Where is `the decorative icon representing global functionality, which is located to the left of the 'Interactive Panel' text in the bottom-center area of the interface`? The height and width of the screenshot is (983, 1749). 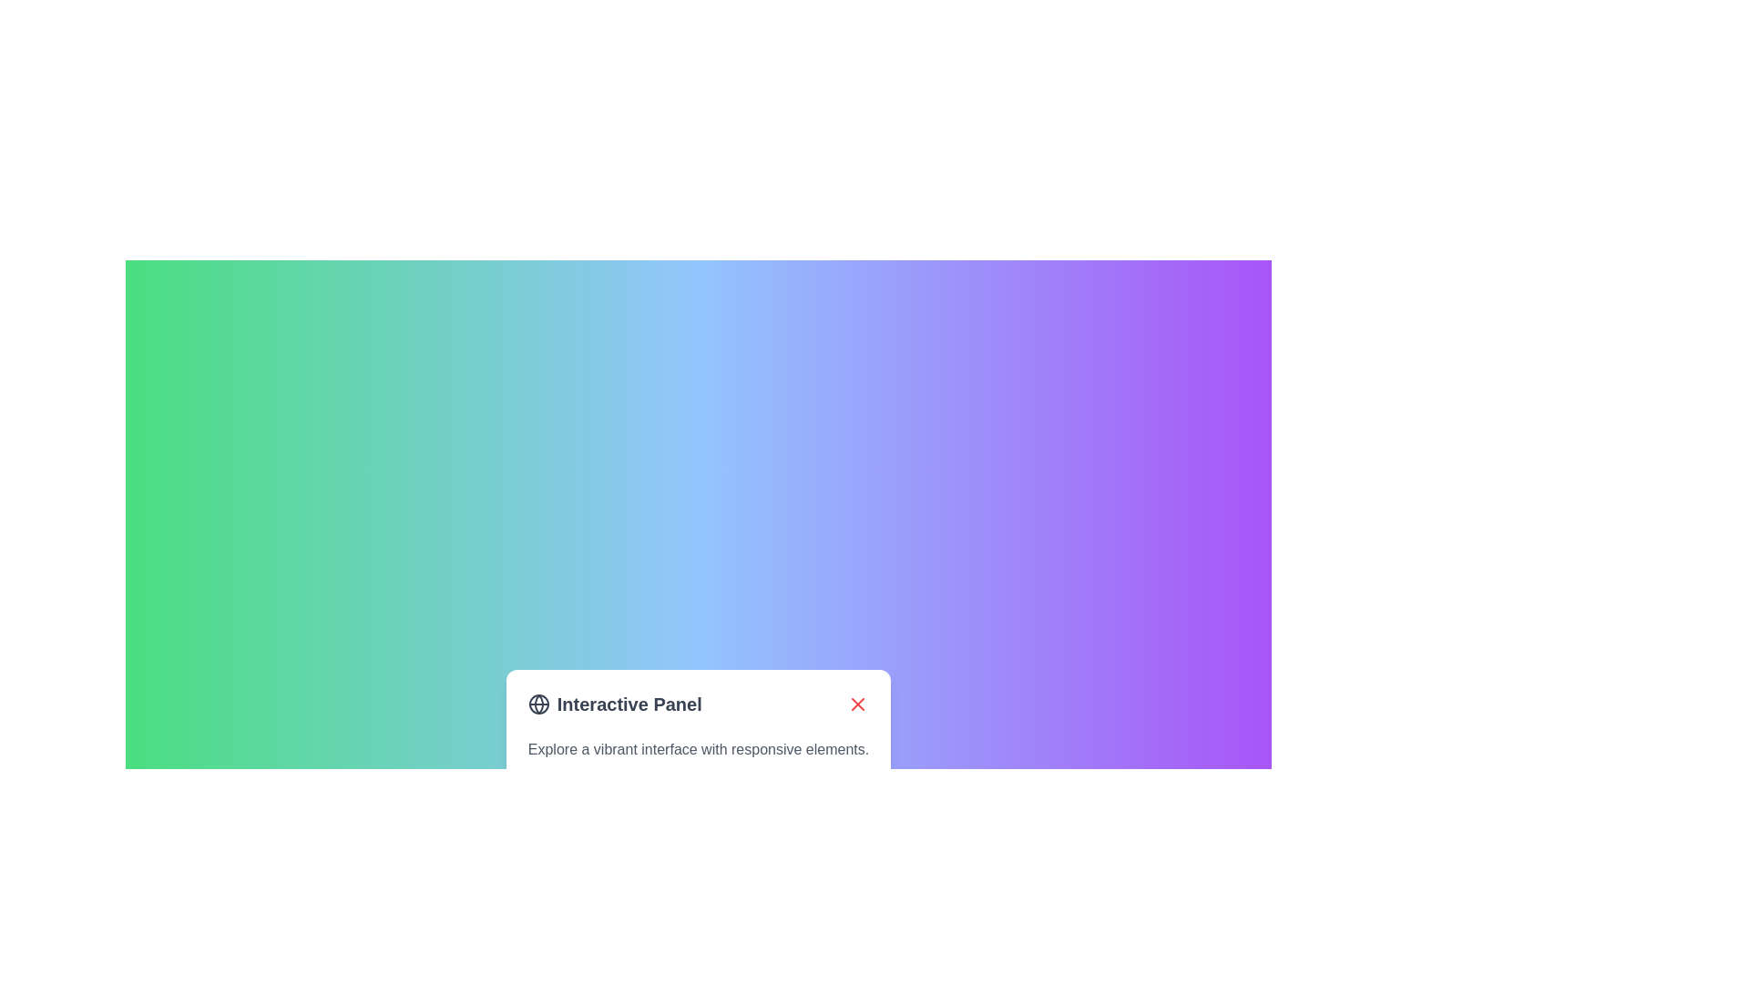
the decorative icon representing global functionality, which is located to the left of the 'Interactive Panel' text in the bottom-center area of the interface is located at coordinates (537, 704).